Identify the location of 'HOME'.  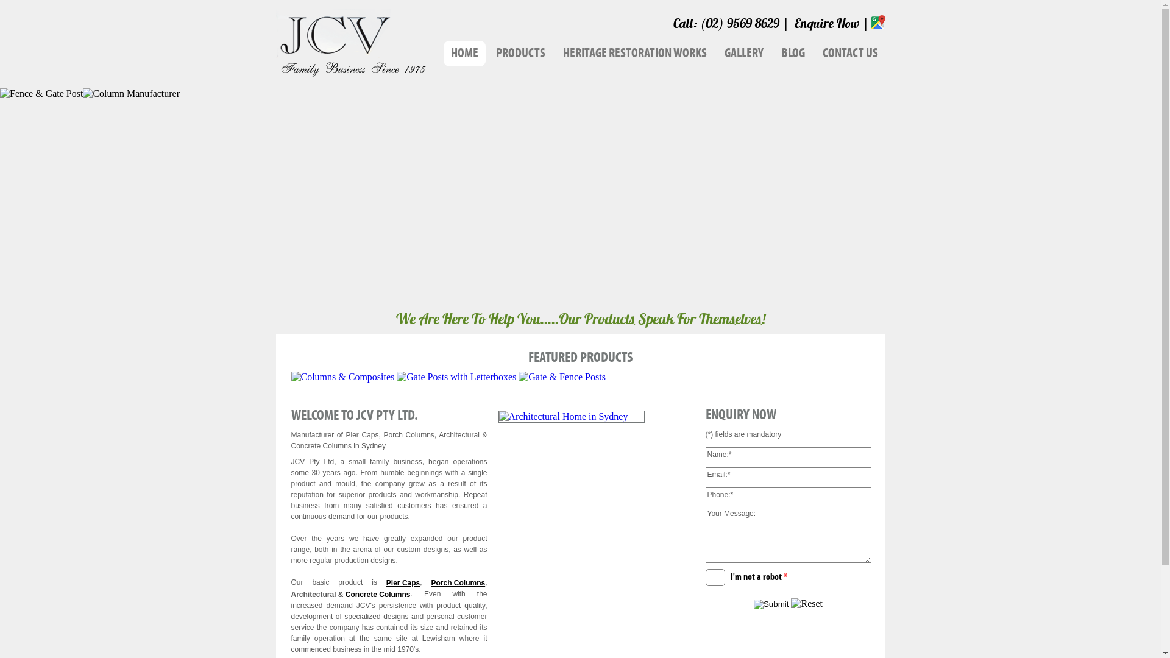
(464, 53).